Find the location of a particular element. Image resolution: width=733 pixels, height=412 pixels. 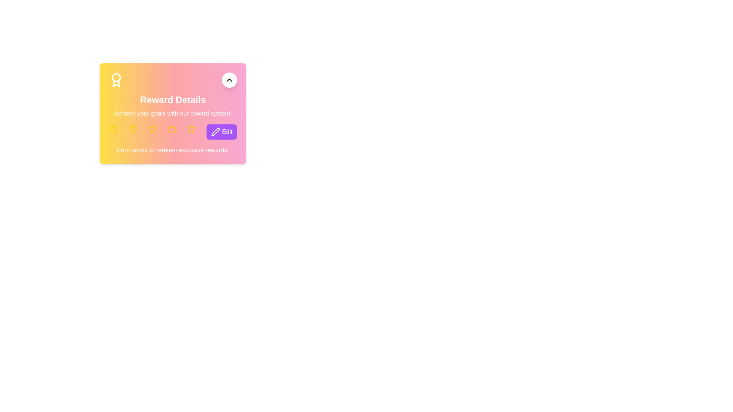

the fourth star icon in the horizontal line of yellow star icons near the center-right of the 'Reward Details' card is located at coordinates (172, 132).